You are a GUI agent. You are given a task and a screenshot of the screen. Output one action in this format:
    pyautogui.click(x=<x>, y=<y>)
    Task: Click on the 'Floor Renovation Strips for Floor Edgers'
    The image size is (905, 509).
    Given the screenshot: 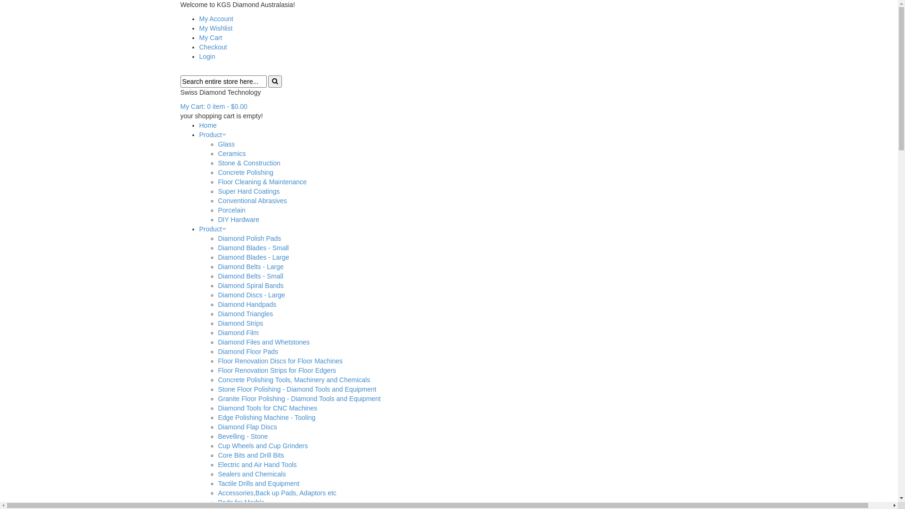 What is the action you would take?
    pyautogui.click(x=276, y=370)
    